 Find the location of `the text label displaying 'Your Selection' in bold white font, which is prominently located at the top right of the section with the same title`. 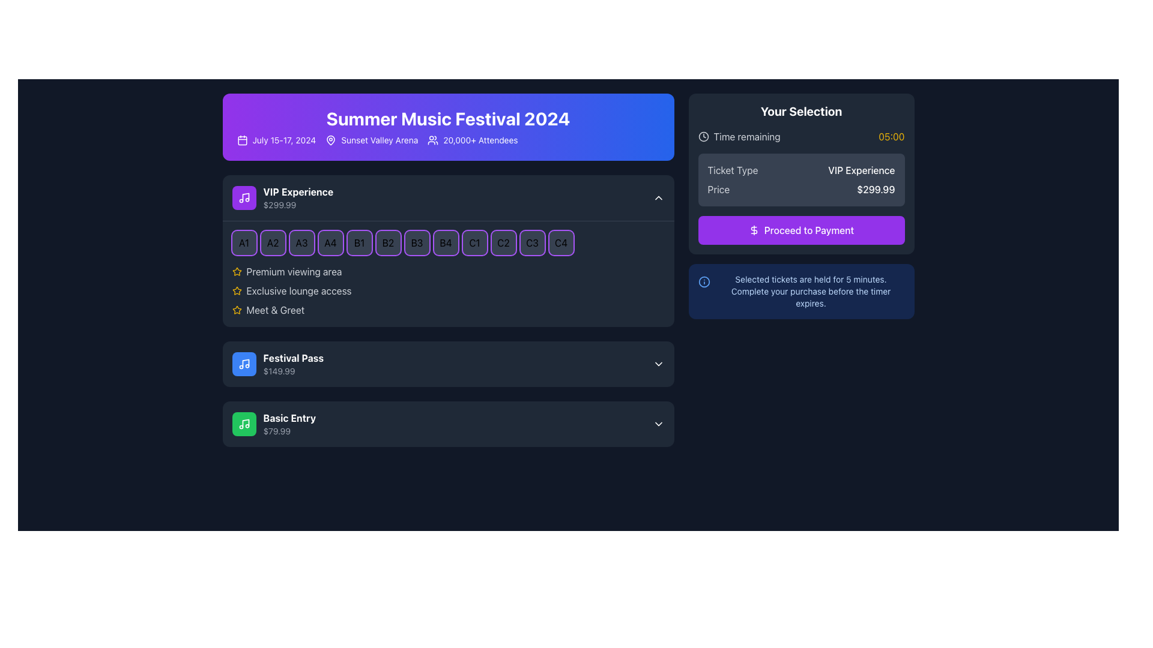

the text label displaying 'Your Selection' in bold white font, which is prominently located at the top right of the section with the same title is located at coordinates (801, 111).